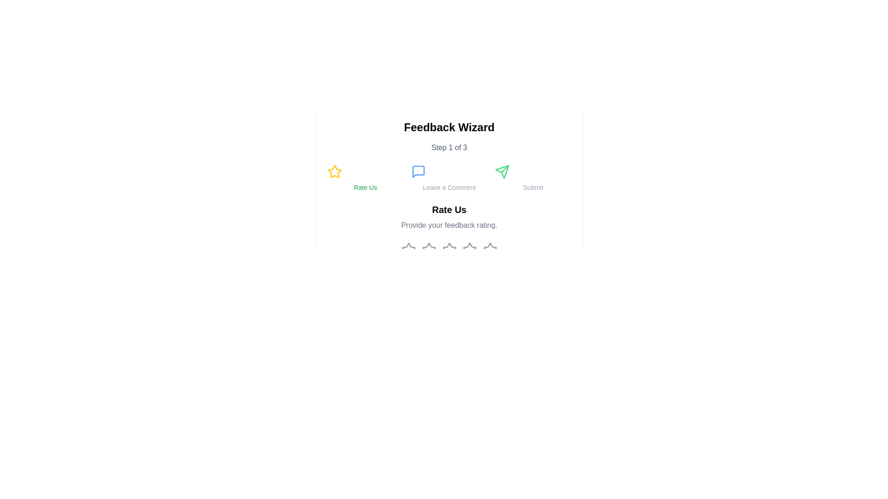 This screenshot has width=888, height=499. What do you see at coordinates (533, 187) in the screenshot?
I see `the 'Submit' label, which displays the text in a small, gray font and is located to the right of the green directional icon in the feedback wizard interface` at bounding box center [533, 187].